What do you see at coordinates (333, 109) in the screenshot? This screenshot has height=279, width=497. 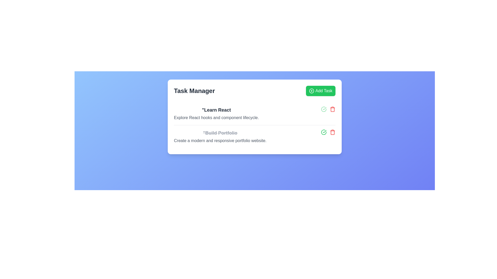 I see `the trash can icon located in the right section of the second task in the task list` at bounding box center [333, 109].